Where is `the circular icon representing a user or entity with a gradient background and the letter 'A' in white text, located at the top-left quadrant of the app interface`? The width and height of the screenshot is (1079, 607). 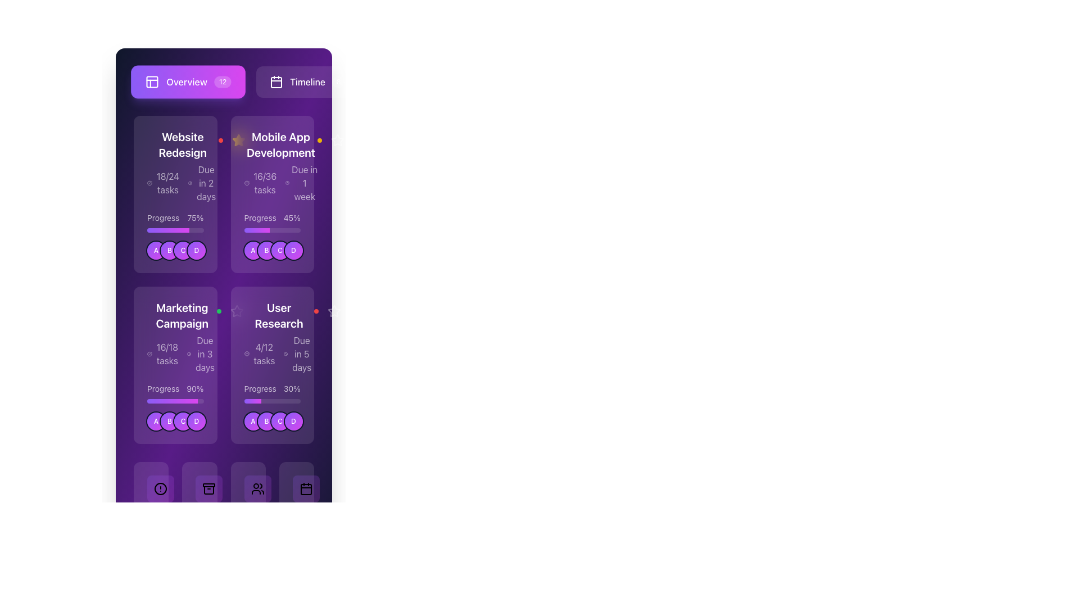 the circular icon representing a user or entity with a gradient background and the letter 'A' in white text, located at the top-left quadrant of the app interface is located at coordinates (156, 250).